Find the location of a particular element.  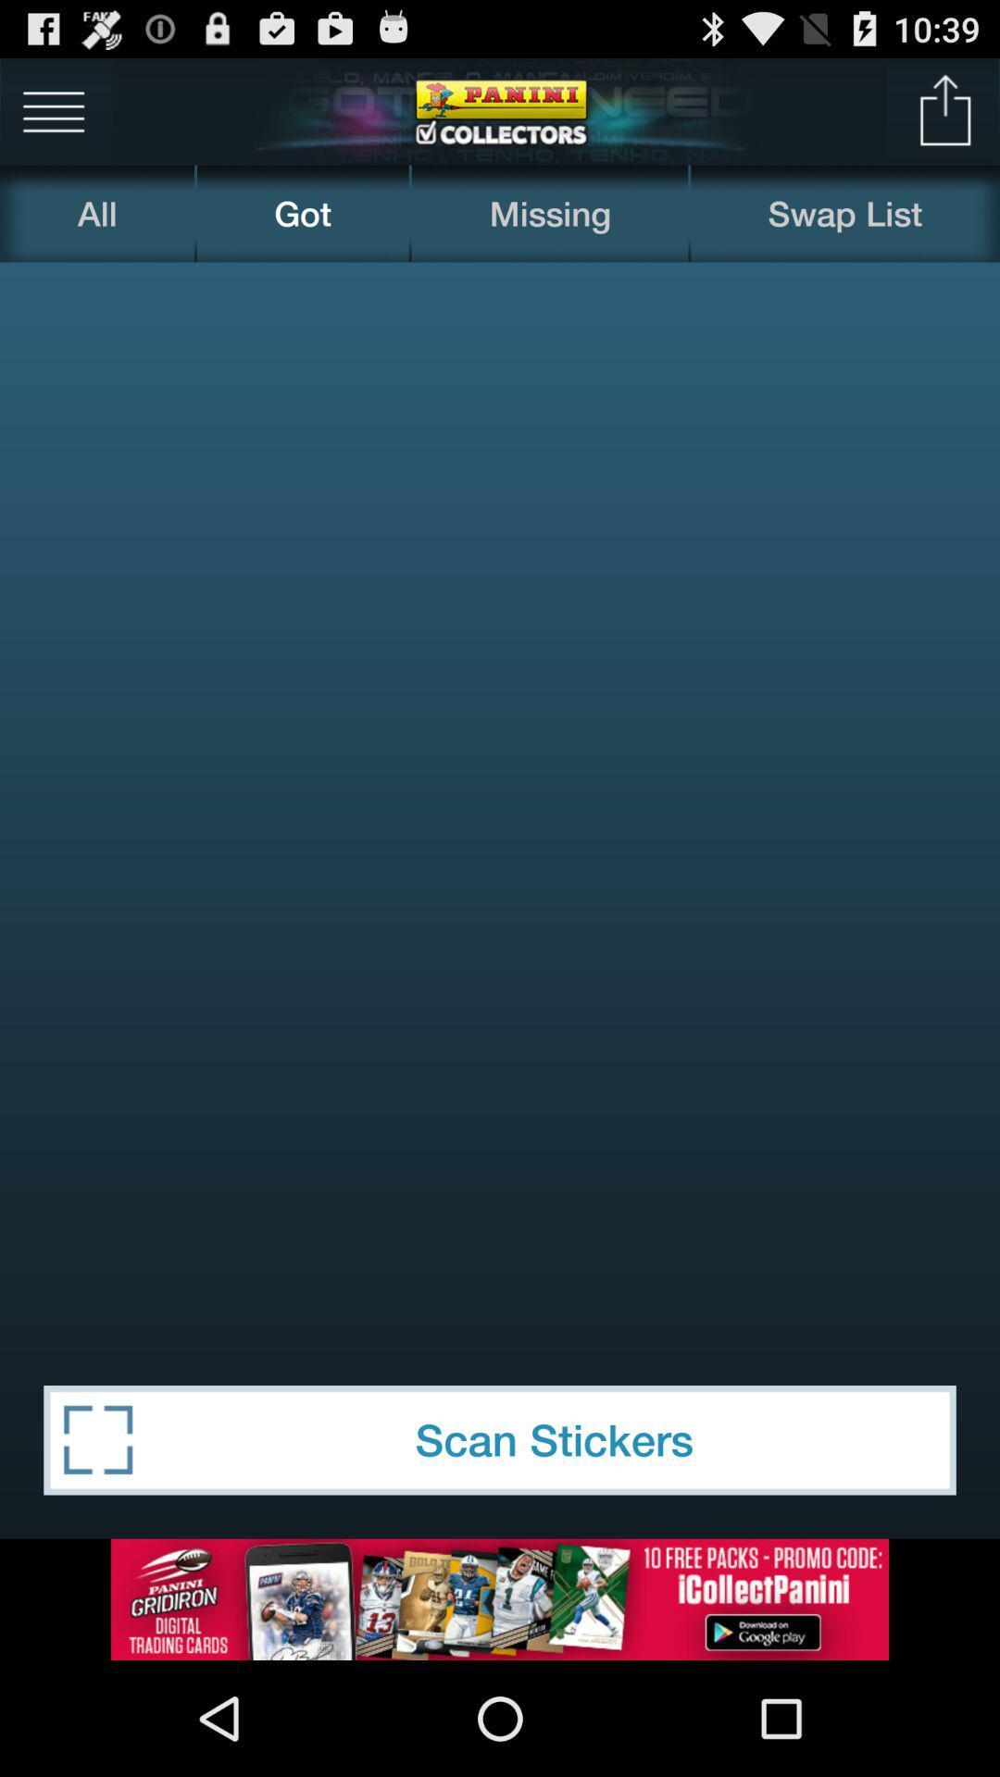

the icon above scan stickers icon is located at coordinates (500, 802).